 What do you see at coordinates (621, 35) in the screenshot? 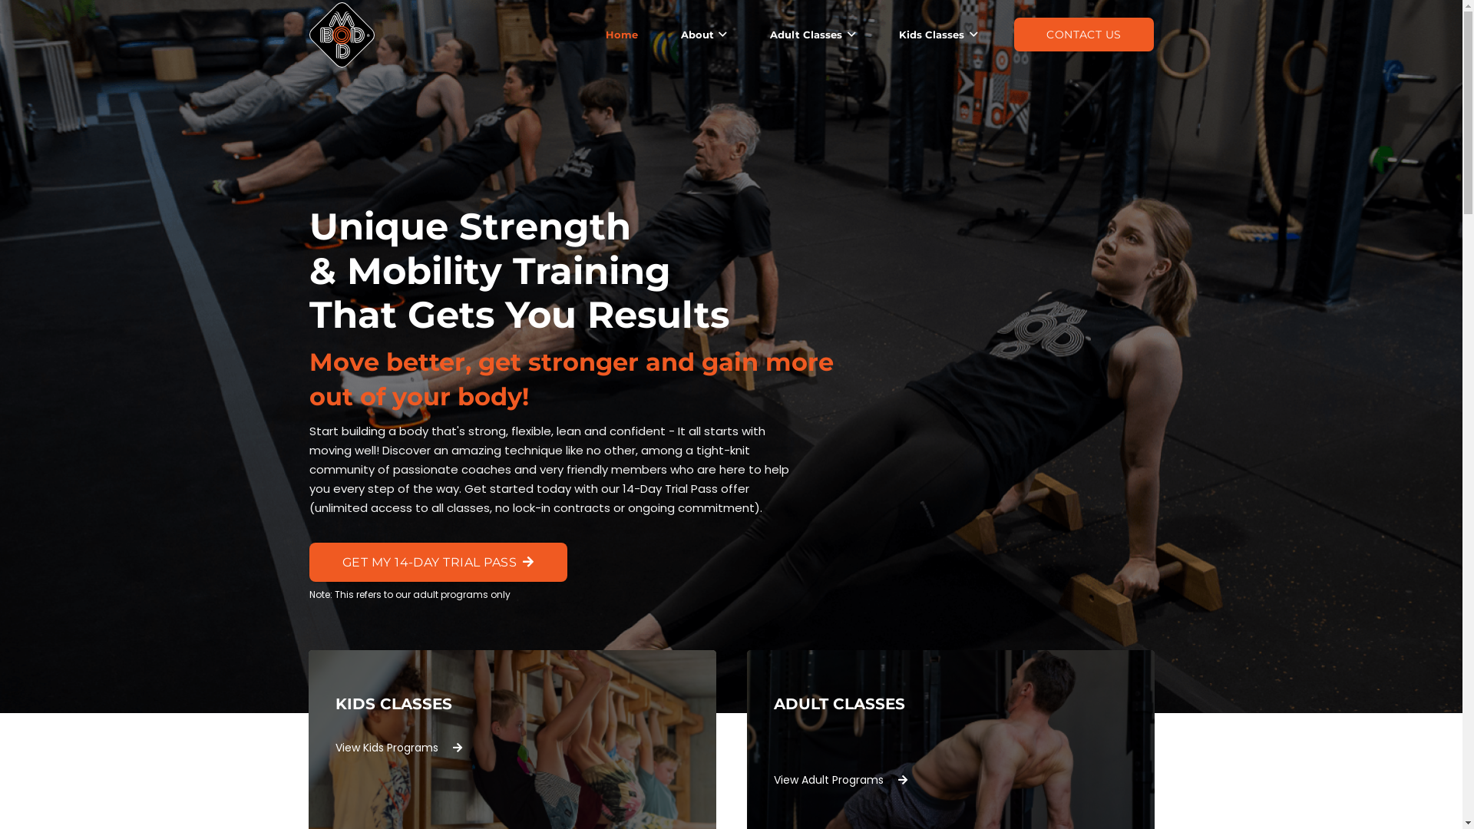
I see `'Home'` at bounding box center [621, 35].